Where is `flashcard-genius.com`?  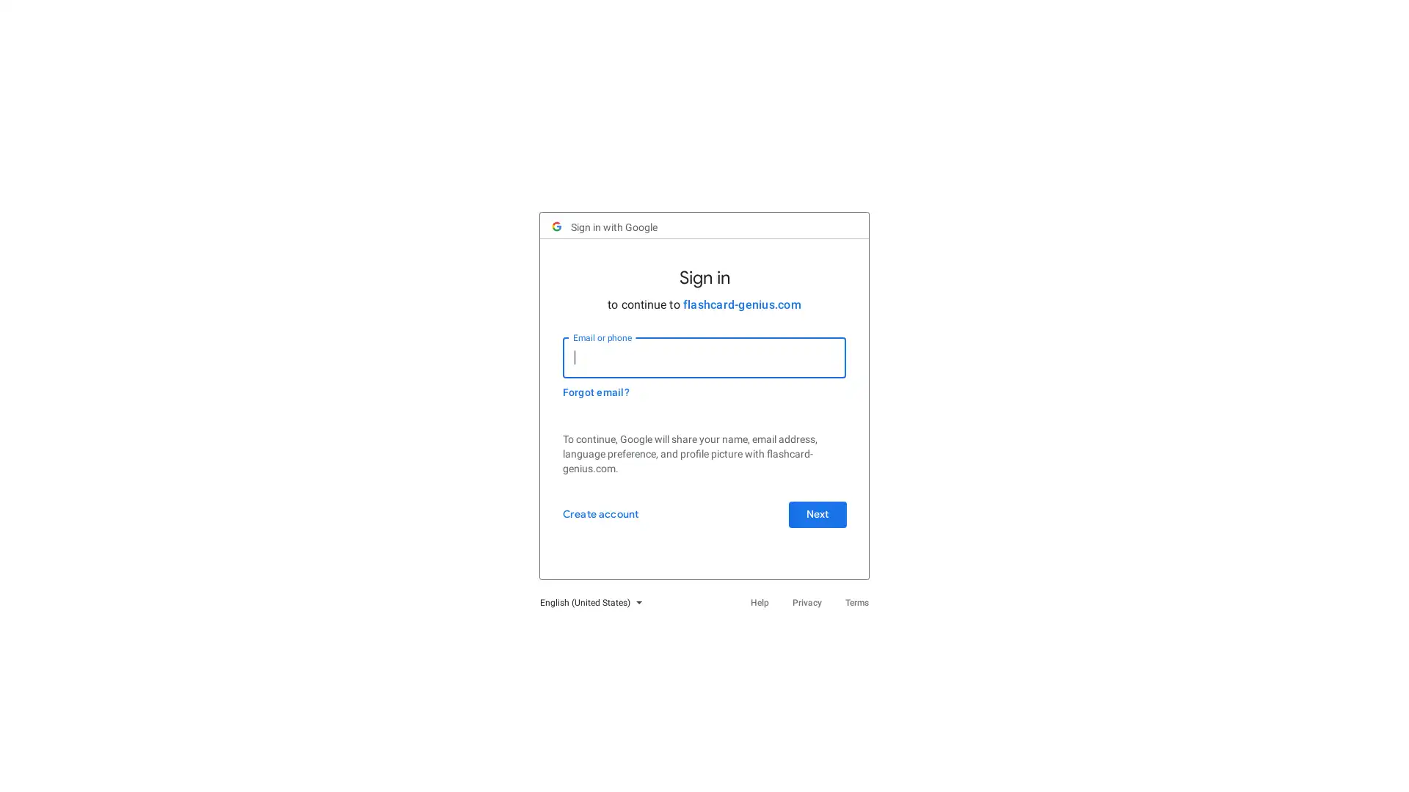 flashcard-genius.com is located at coordinates (741, 312).